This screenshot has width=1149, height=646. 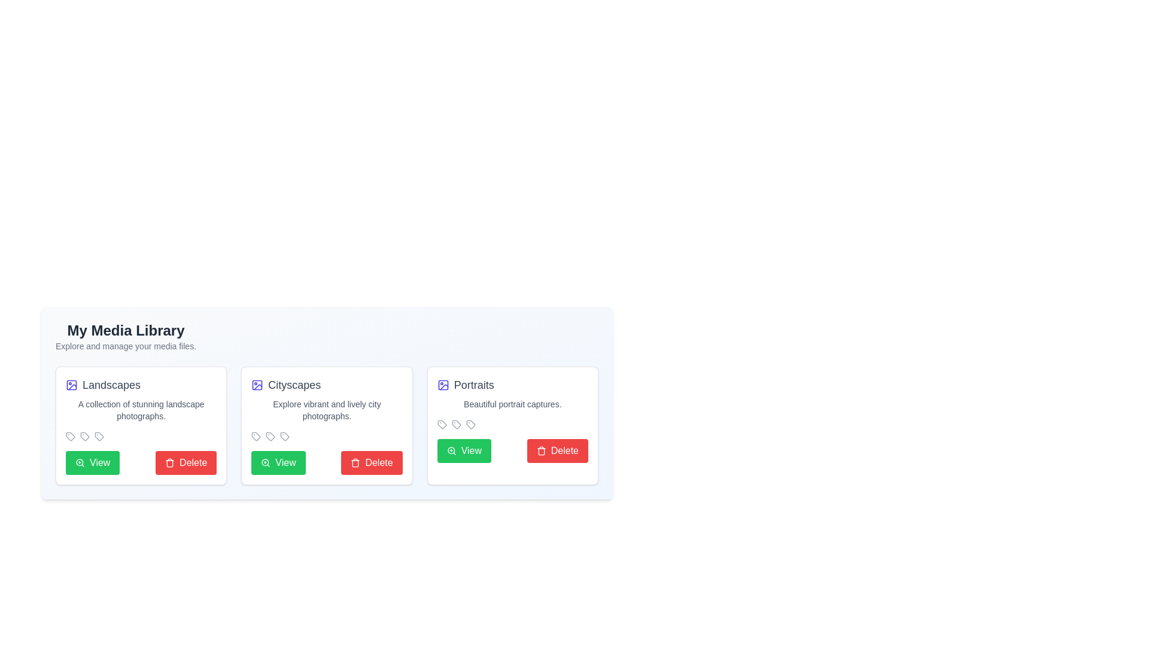 What do you see at coordinates (455, 423) in the screenshot?
I see `the small icon shaped like a tag or label located within the third content card from the left, specifically the second icon in a sequence of small icons near the top of the card` at bounding box center [455, 423].